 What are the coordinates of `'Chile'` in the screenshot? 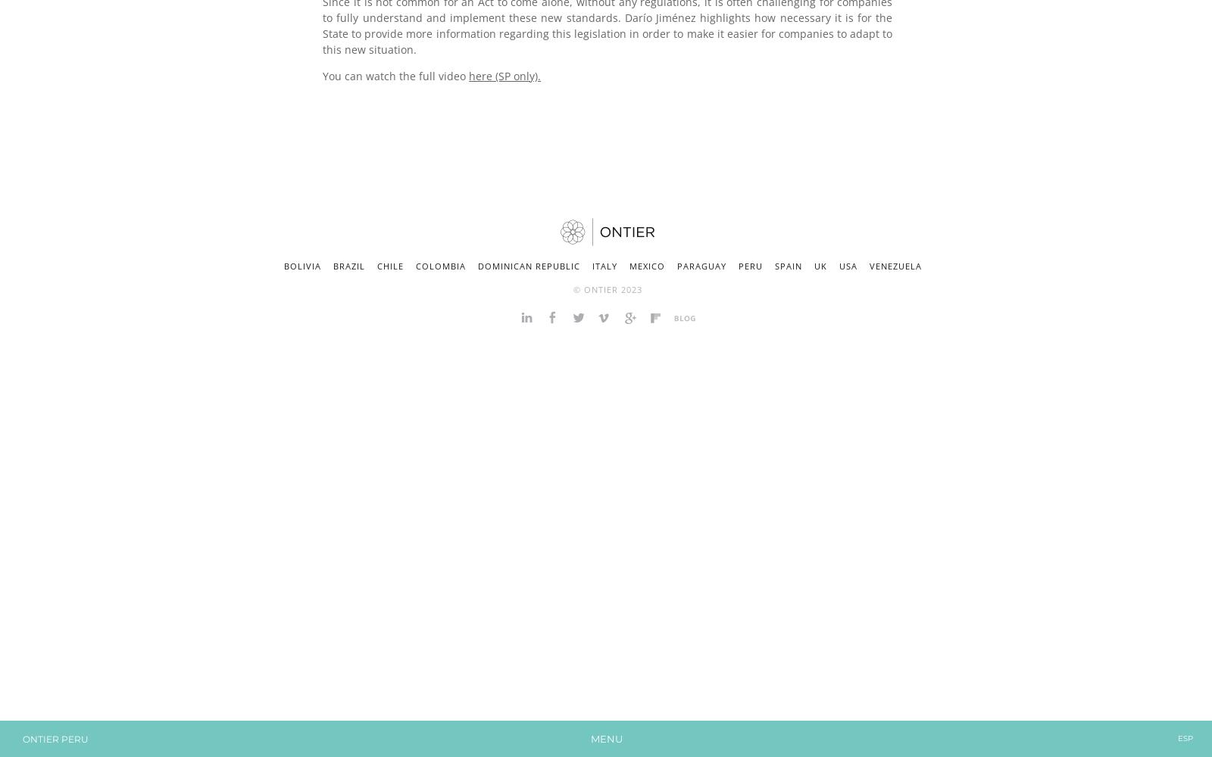 It's located at (376, 265).